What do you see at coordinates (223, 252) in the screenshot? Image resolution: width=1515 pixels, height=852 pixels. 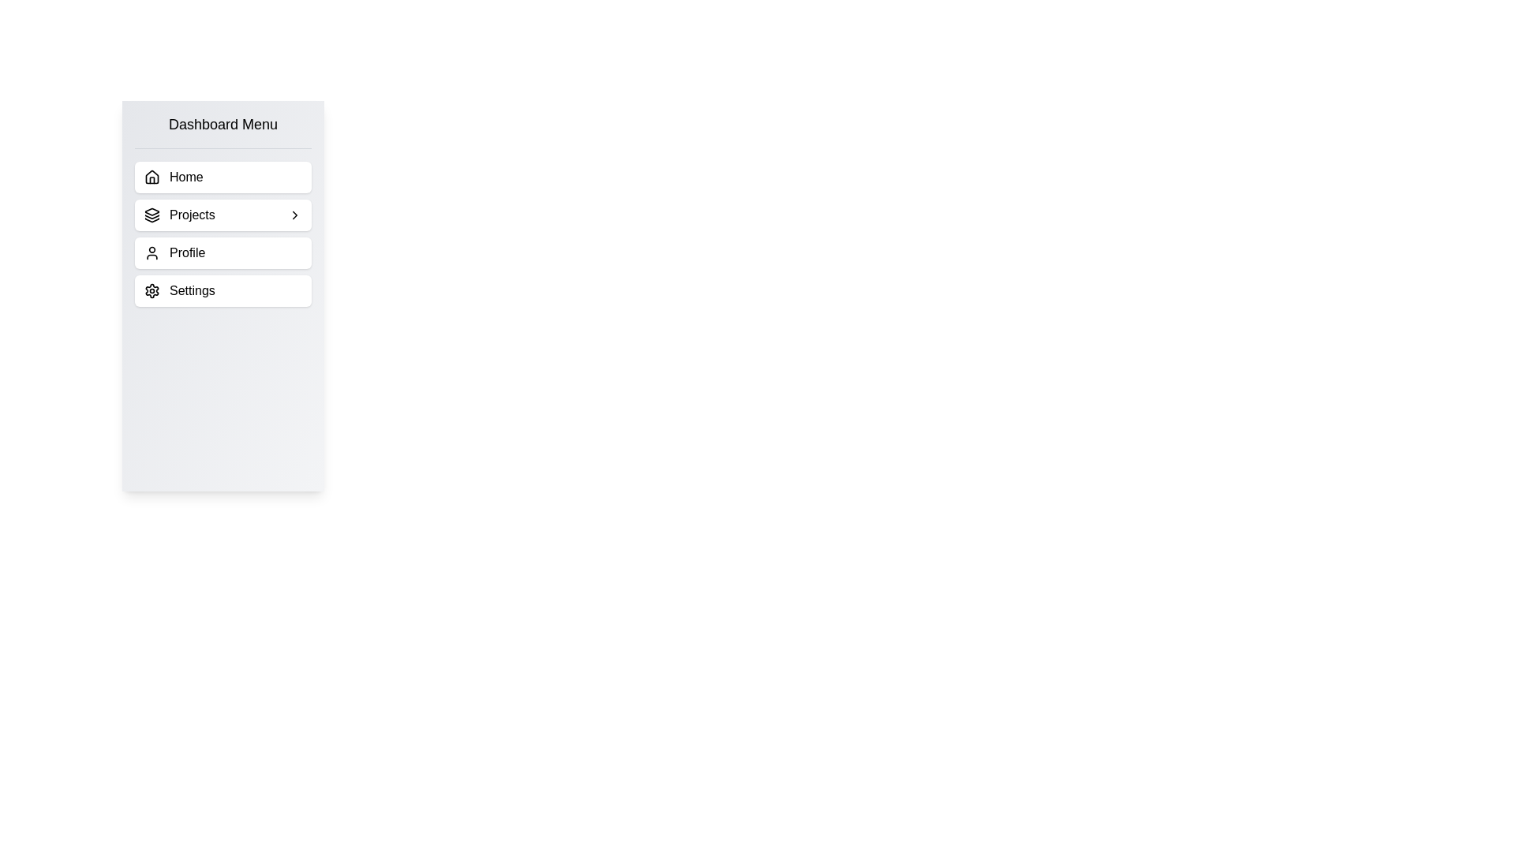 I see `the 'Profile' menu item located in the sidebar, which is the third item in the menu list` at bounding box center [223, 252].